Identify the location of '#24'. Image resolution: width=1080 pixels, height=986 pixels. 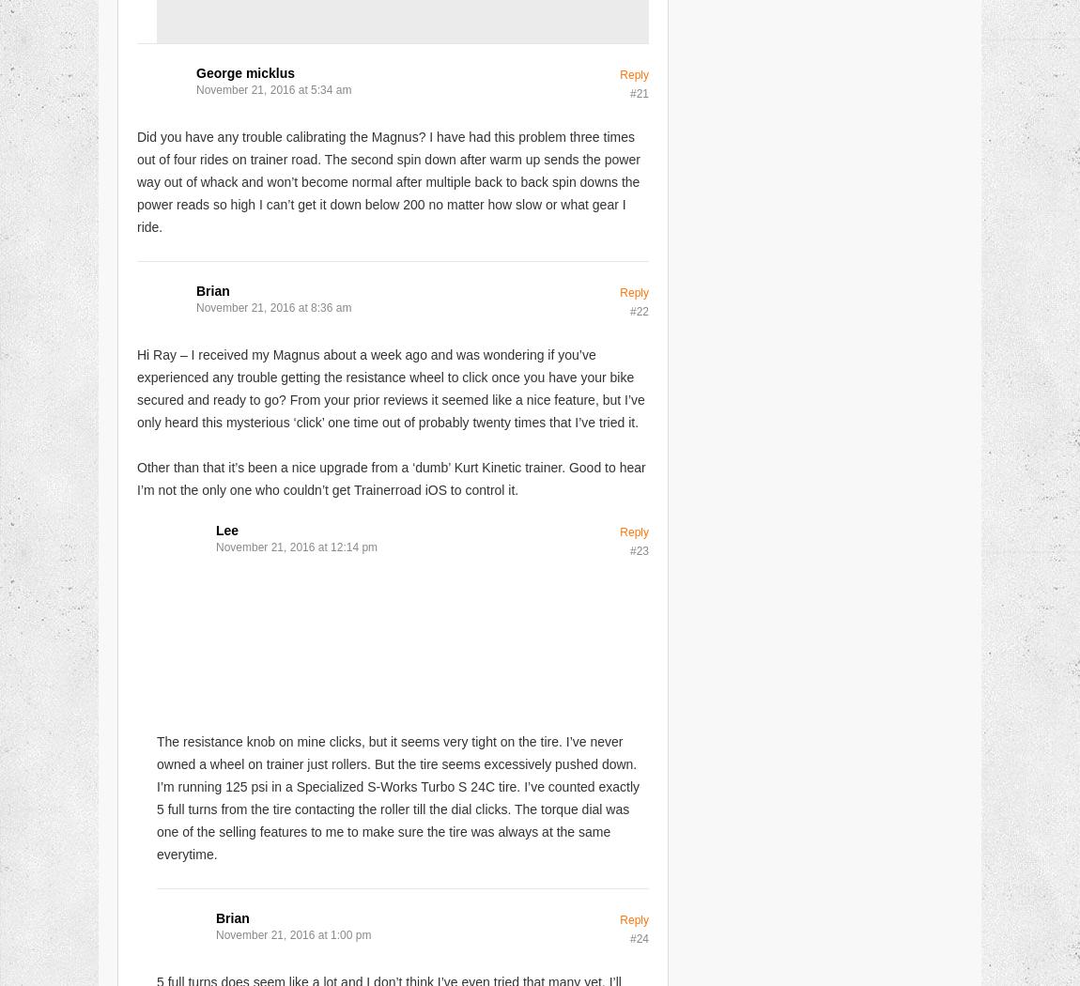
(638, 937).